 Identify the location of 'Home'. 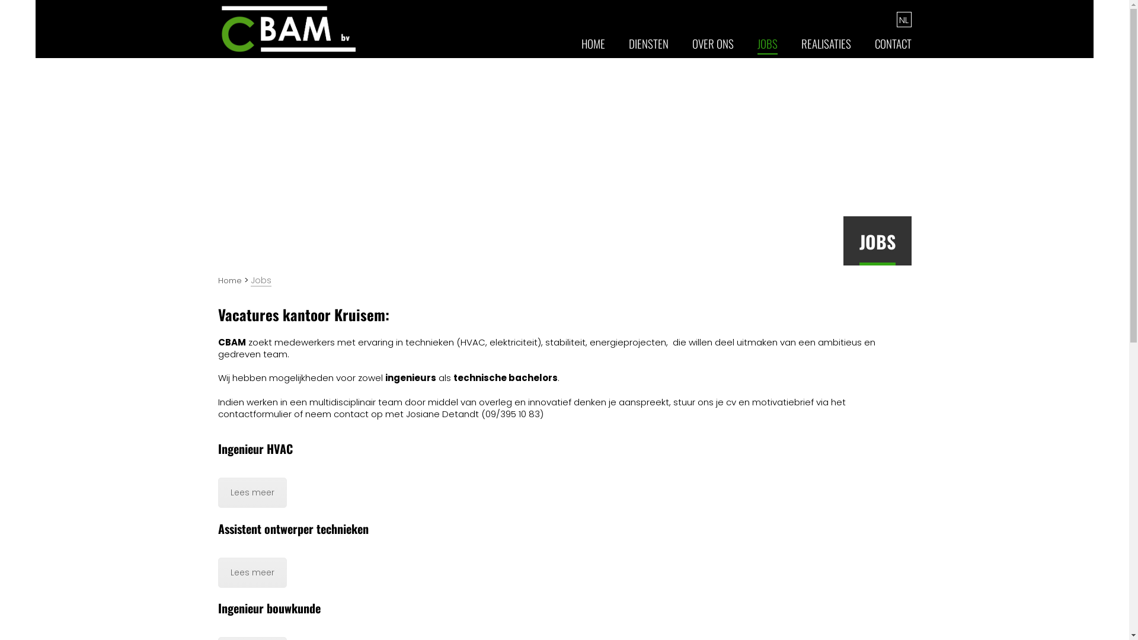
(230, 280).